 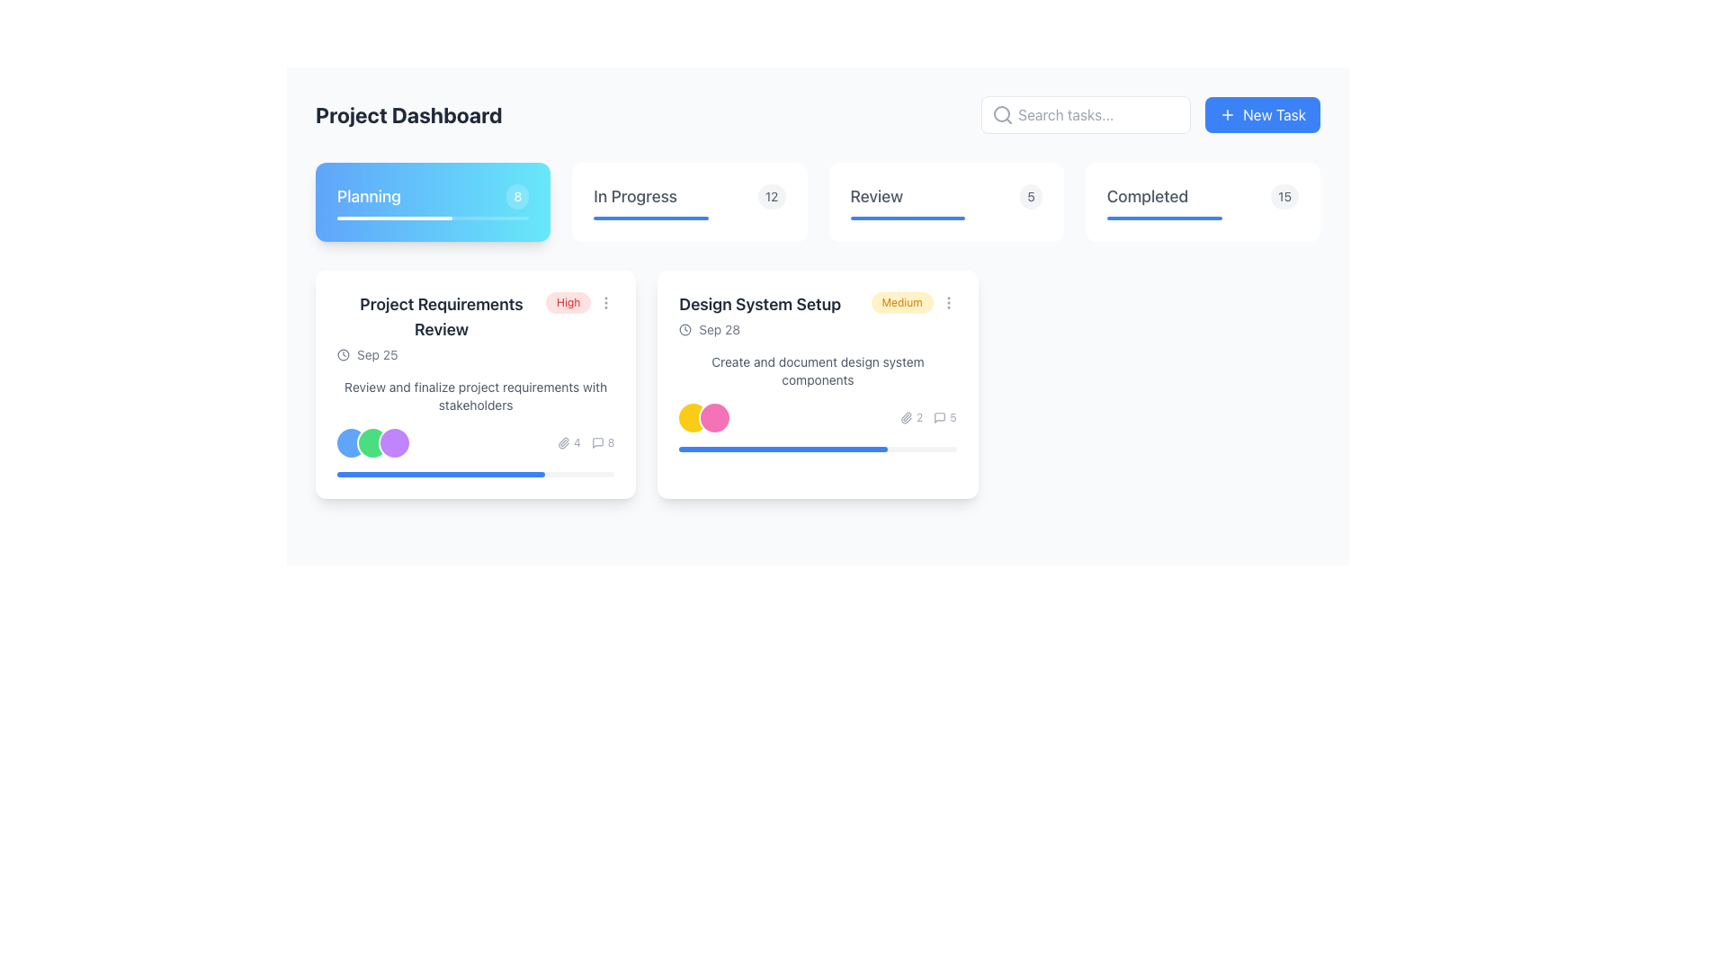 I want to click on the attachment icon located at the bottom-right of the 'Design System Setup' card, so click(x=907, y=418).